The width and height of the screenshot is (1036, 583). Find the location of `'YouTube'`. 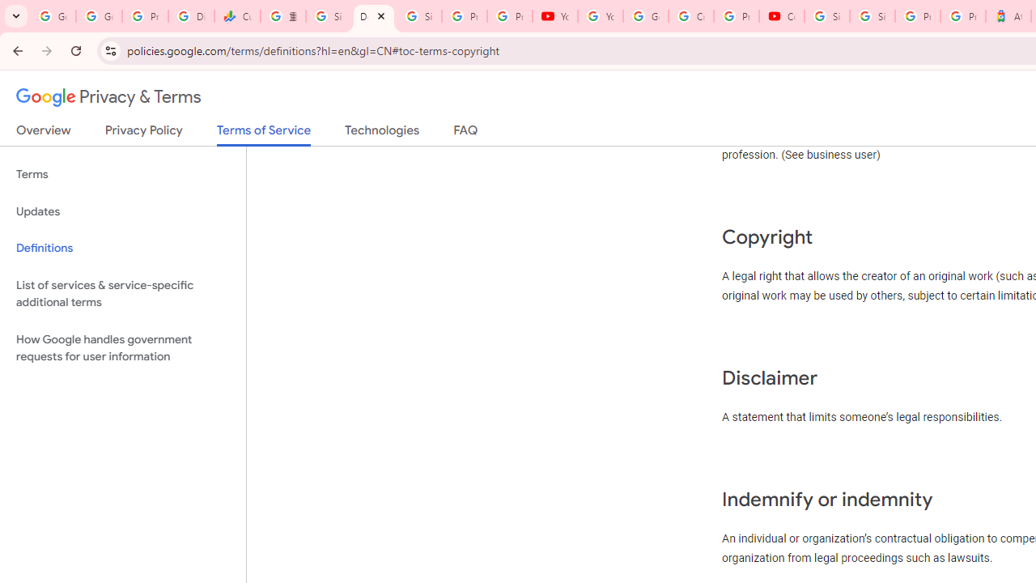

'YouTube' is located at coordinates (555, 16).